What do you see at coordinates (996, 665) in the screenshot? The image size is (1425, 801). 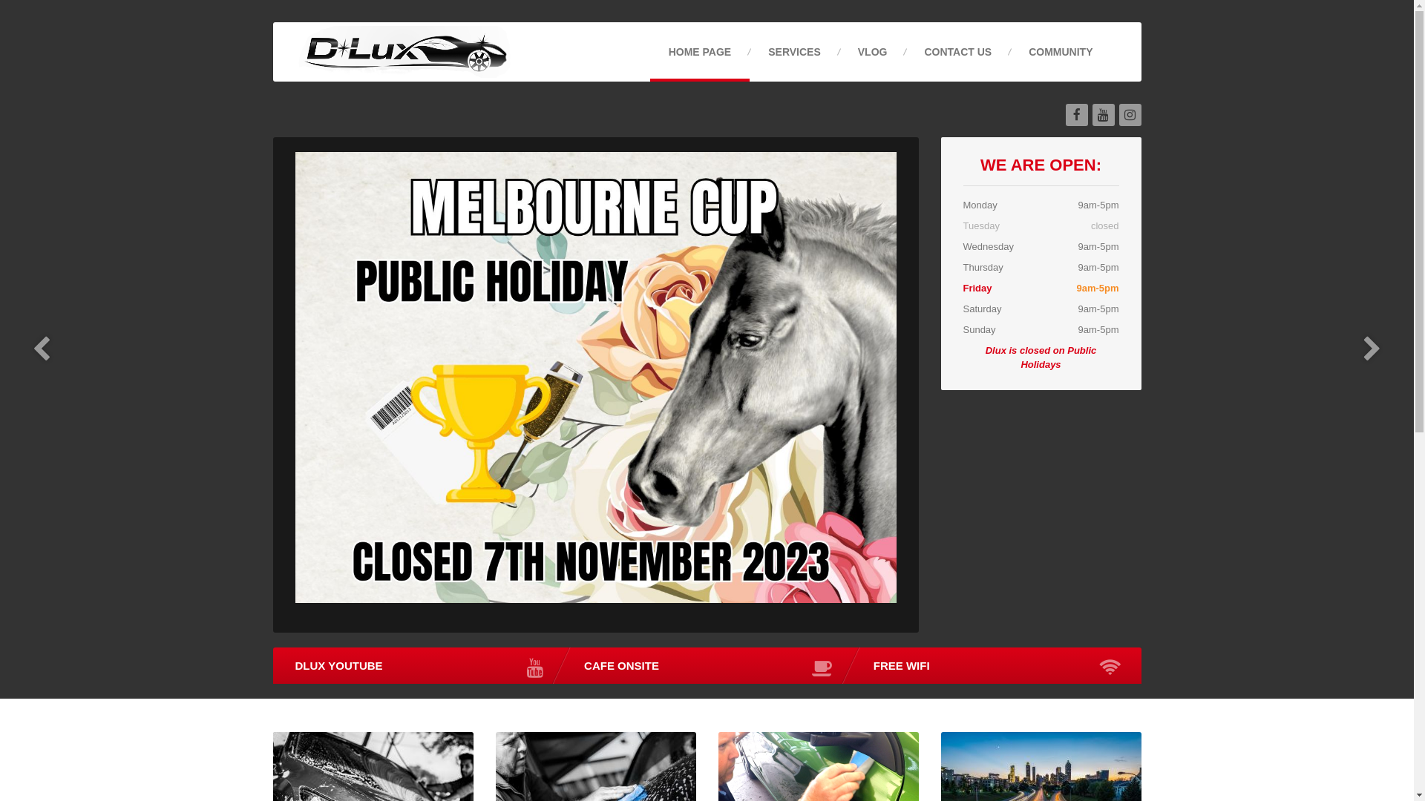 I see `'FREE WIFI'` at bounding box center [996, 665].